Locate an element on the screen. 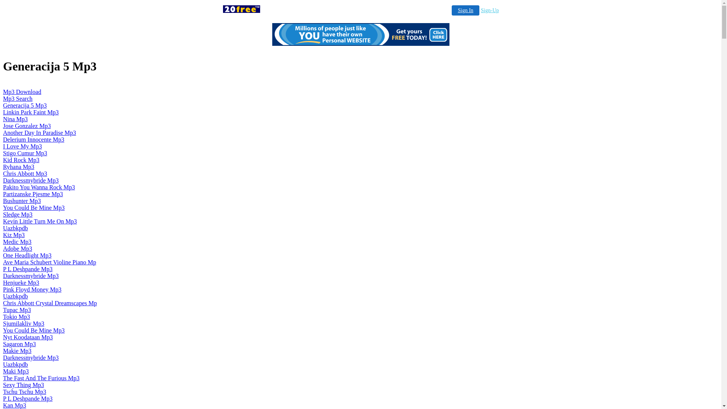 The width and height of the screenshot is (727, 409). 'Henjueke Mp3' is located at coordinates (21, 283).